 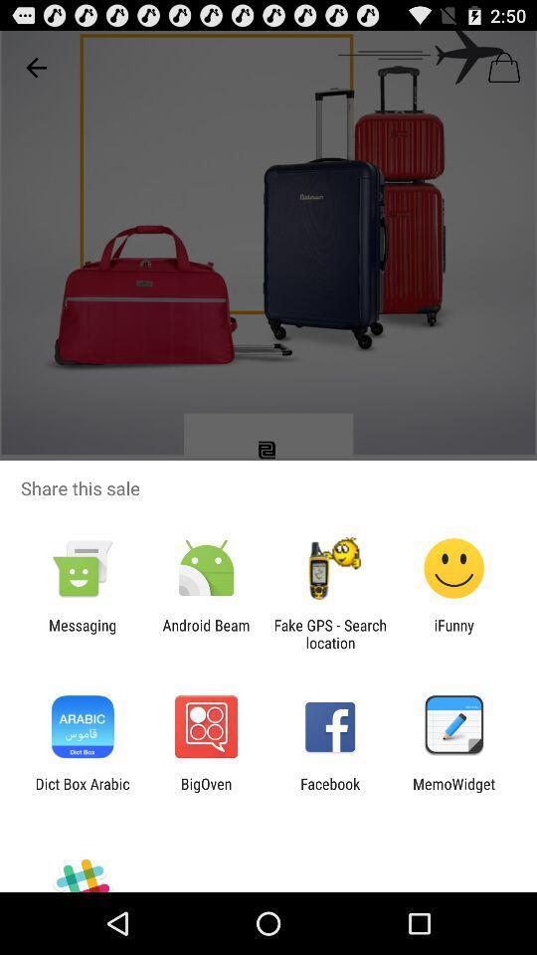 I want to click on the icon to the left of facebook icon, so click(x=205, y=792).